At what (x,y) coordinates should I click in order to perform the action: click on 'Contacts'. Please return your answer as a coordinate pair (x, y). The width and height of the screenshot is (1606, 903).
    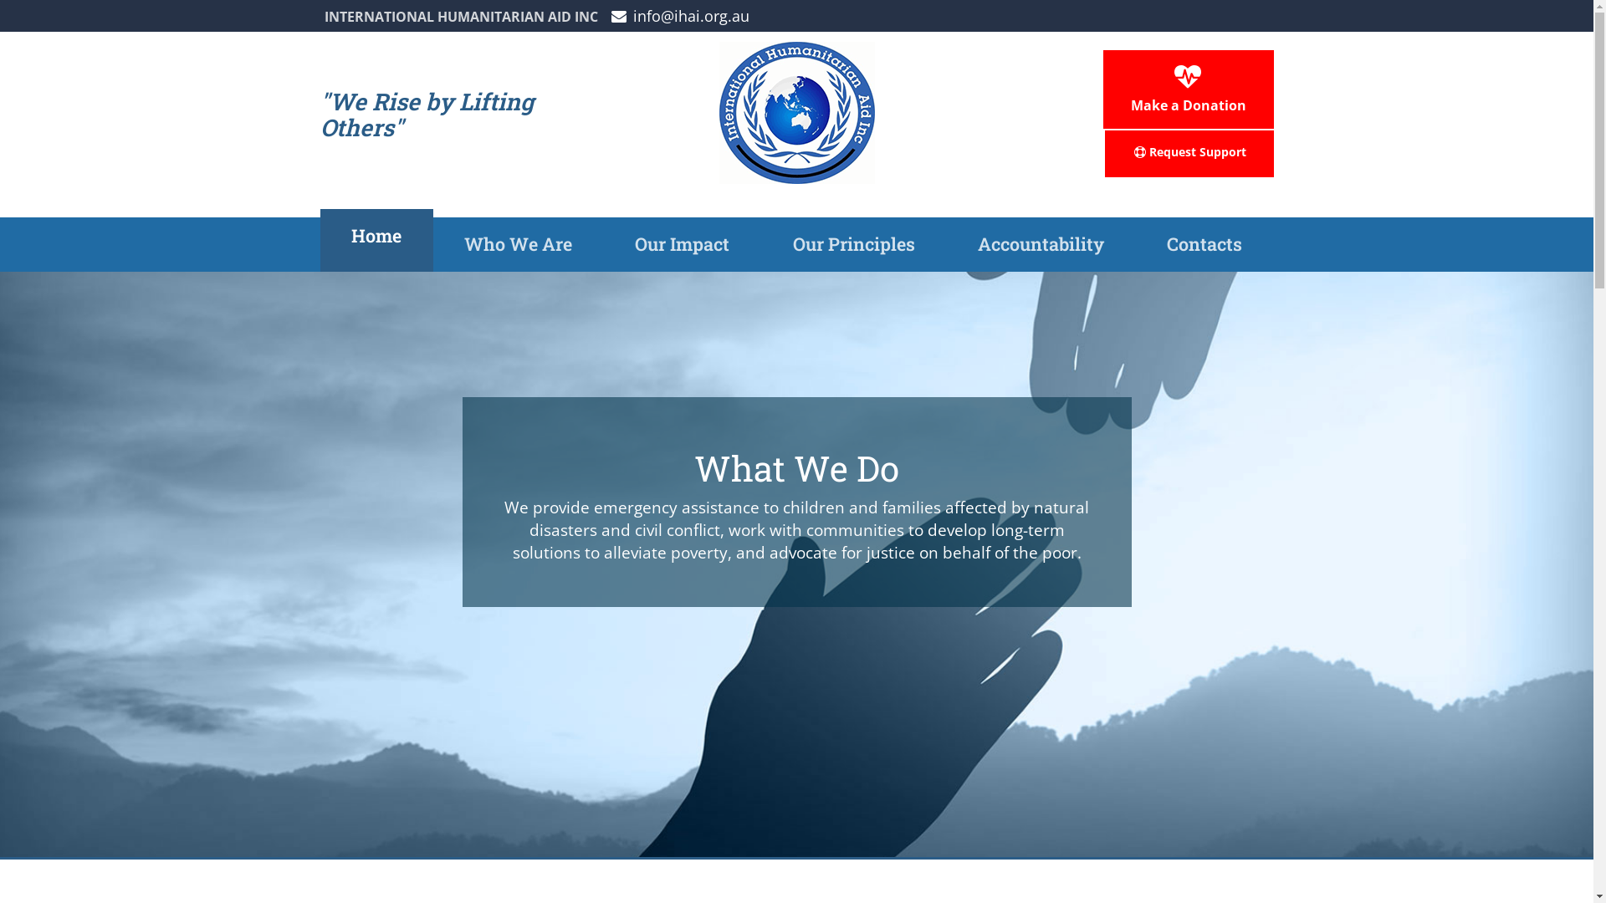
    Looking at the image, I should click on (1135, 244).